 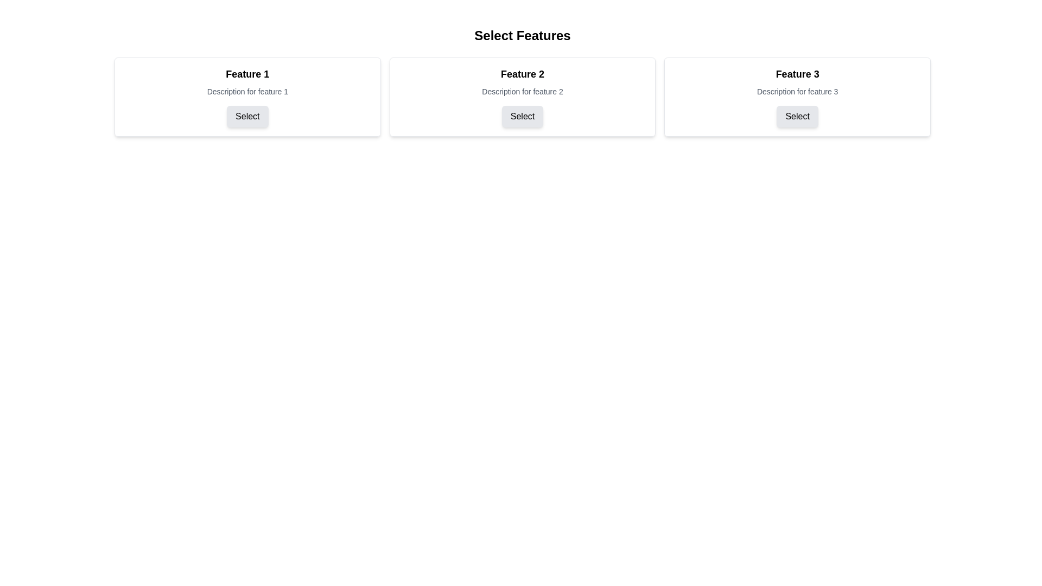 What do you see at coordinates (247, 91) in the screenshot?
I see `the static text element that provides additional information about 'Feature 1', located directly below the heading 'Feature 1' and above the button labeled 'Select'` at bounding box center [247, 91].